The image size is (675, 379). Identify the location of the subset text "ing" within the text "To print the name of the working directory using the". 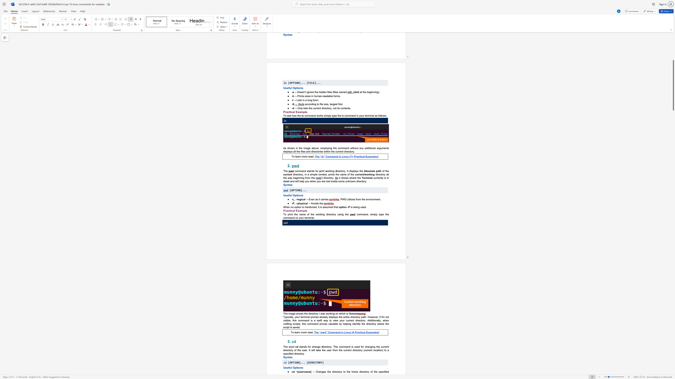
(340, 214).